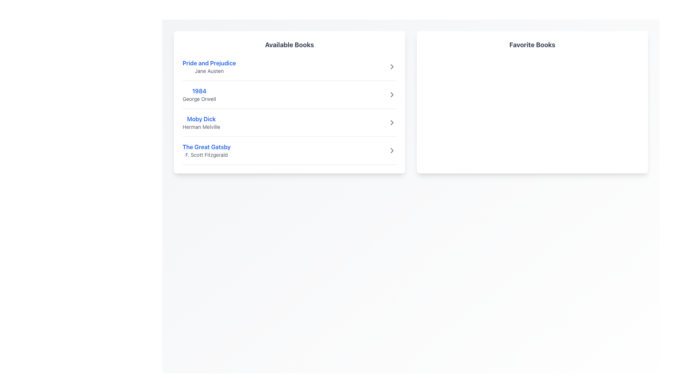 This screenshot has height=392, width=697. What do you see at coordinates (392, 67) in the screenshot?
I see `the Chevon Navigation Icon located at the rightmost side of the 'Available Books' panel` at bounding box center [392, 67].